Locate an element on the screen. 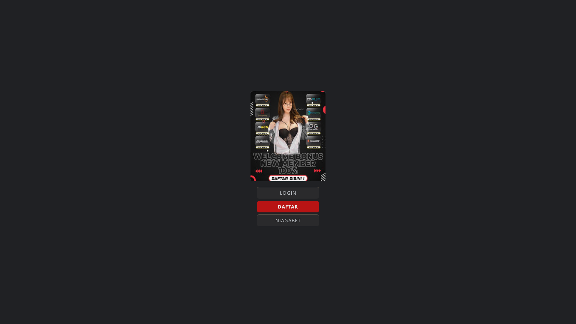  'DAFTAR' is located at coordinates (288, 206).